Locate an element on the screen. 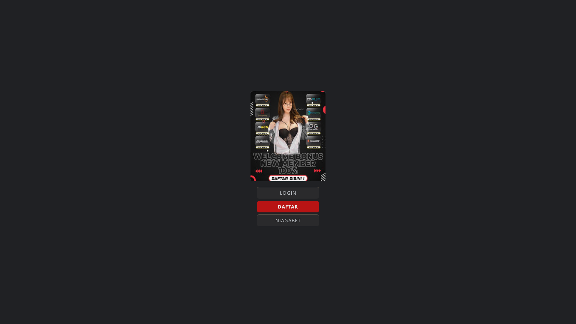  'DAFTAR' is located at coordinates (288, 206).